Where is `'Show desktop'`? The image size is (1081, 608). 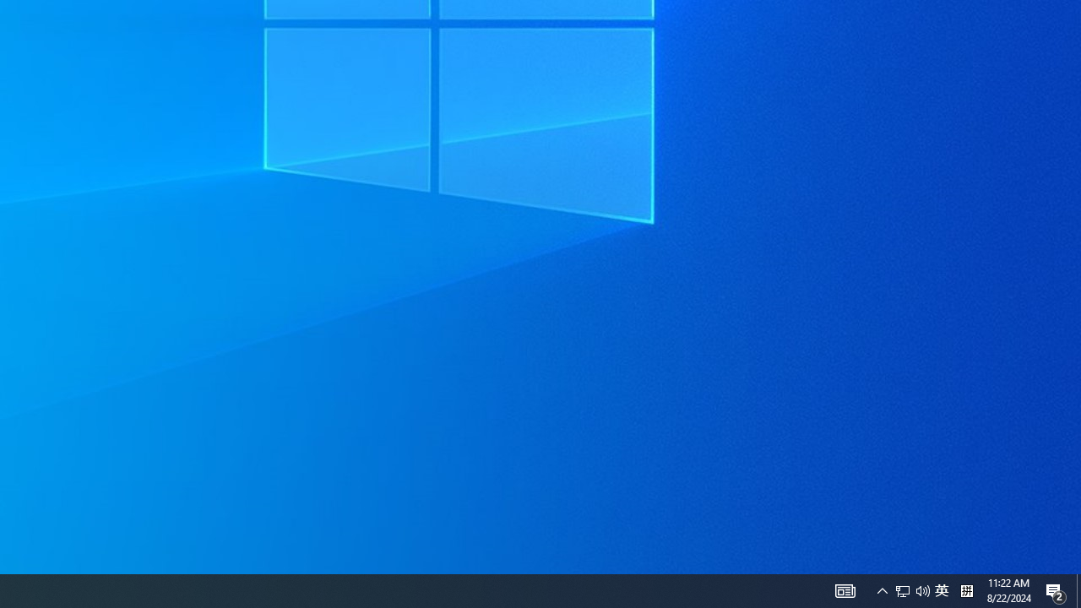 'Show desktop' is located at coordinates (1078, 589).